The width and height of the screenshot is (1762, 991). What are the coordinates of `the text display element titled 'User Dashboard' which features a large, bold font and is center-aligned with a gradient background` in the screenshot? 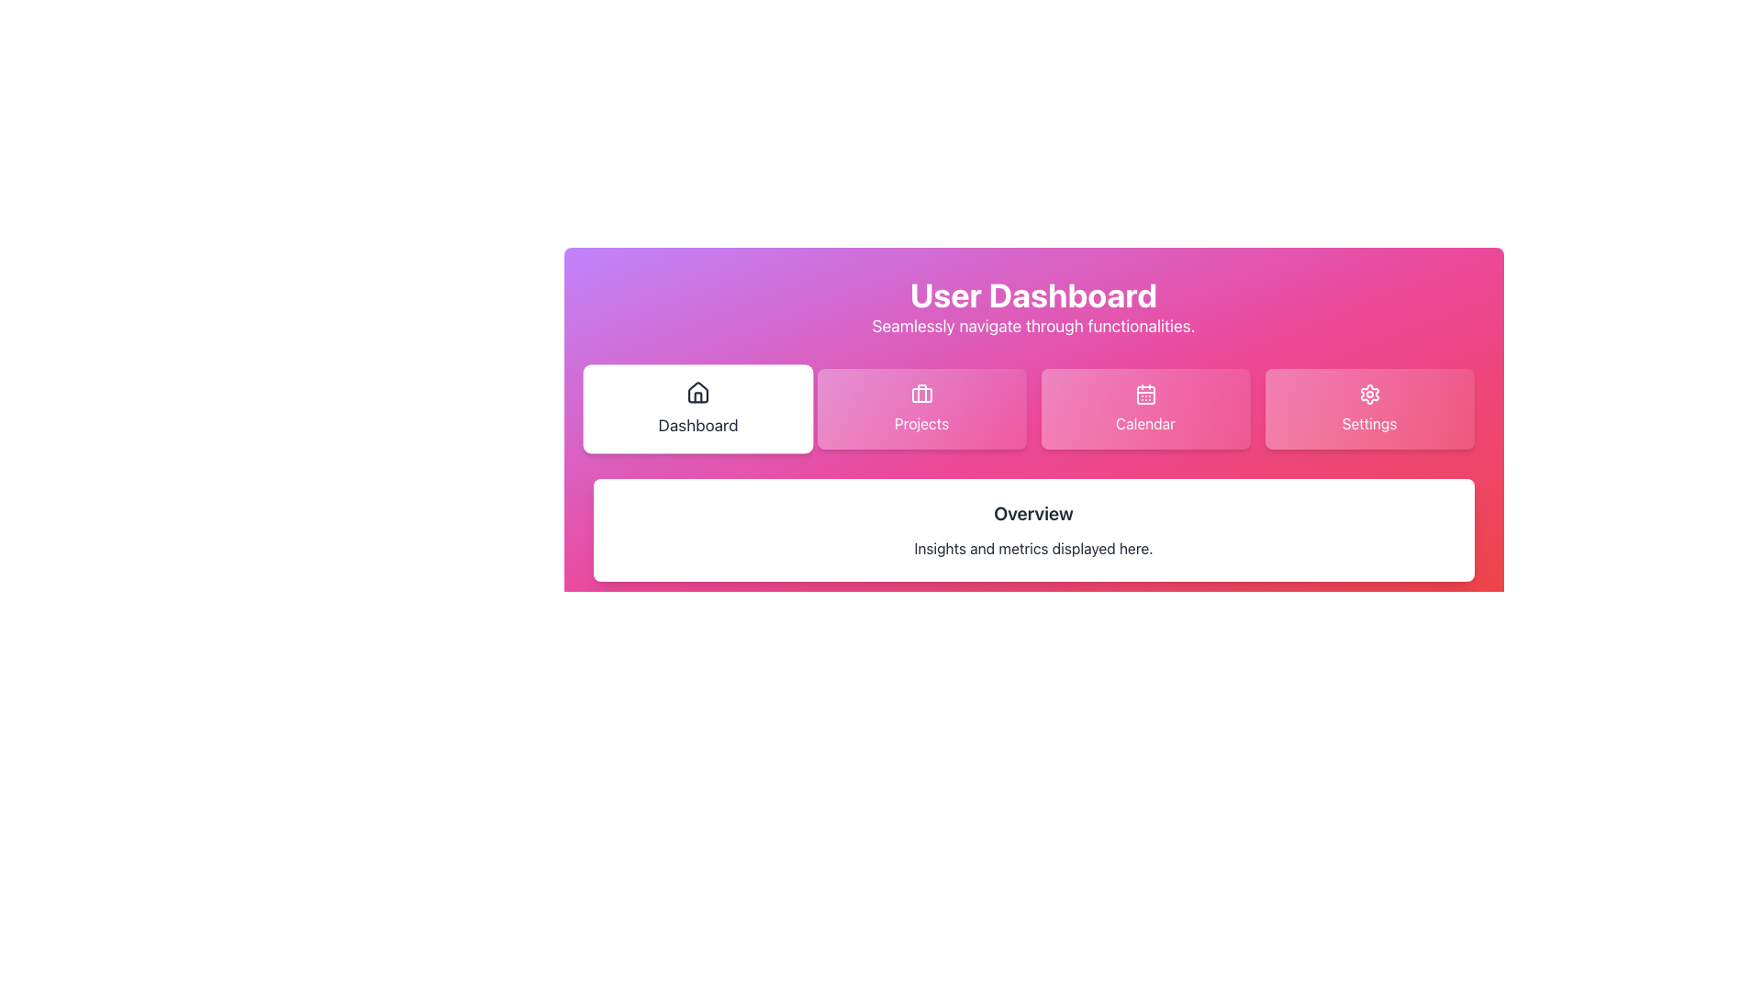 It's located at (1033, 306).